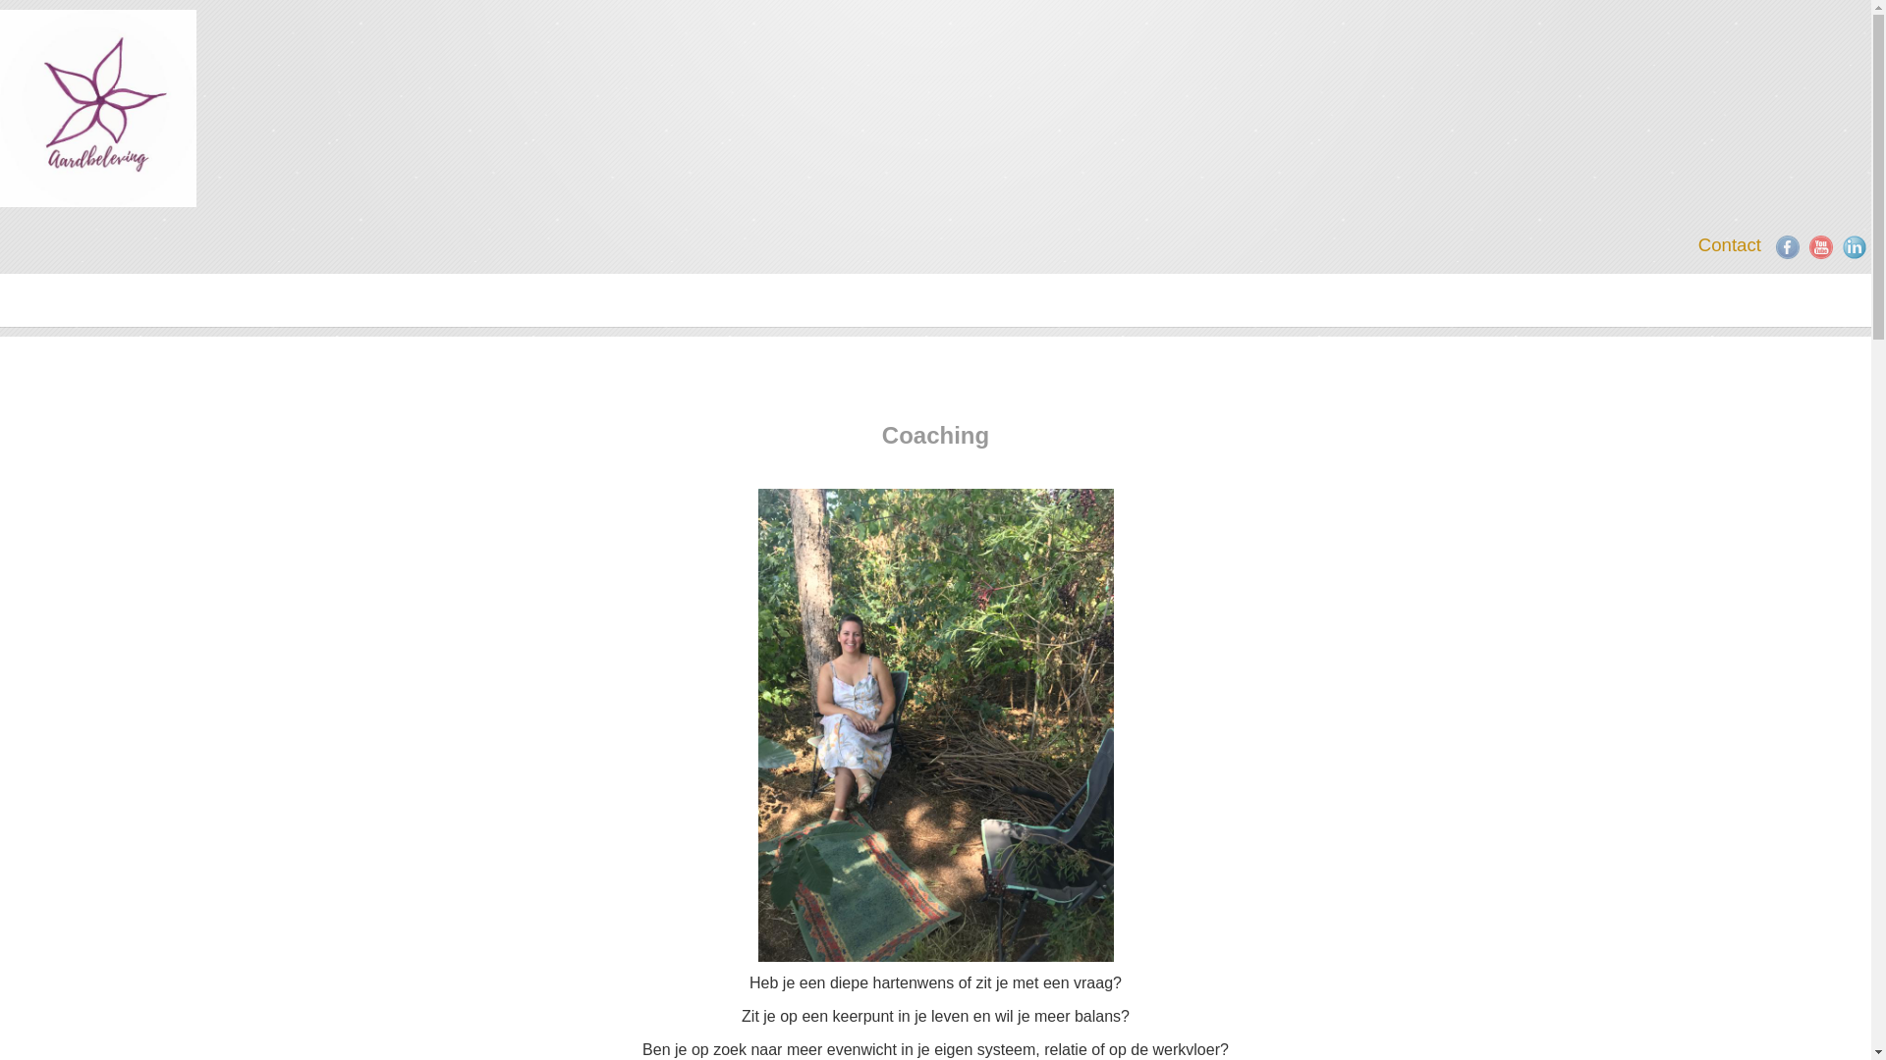 The width and height of the screenshot is (1886, 1060). I want to click on '.:In kracht floreren:.', so click(97, 108).